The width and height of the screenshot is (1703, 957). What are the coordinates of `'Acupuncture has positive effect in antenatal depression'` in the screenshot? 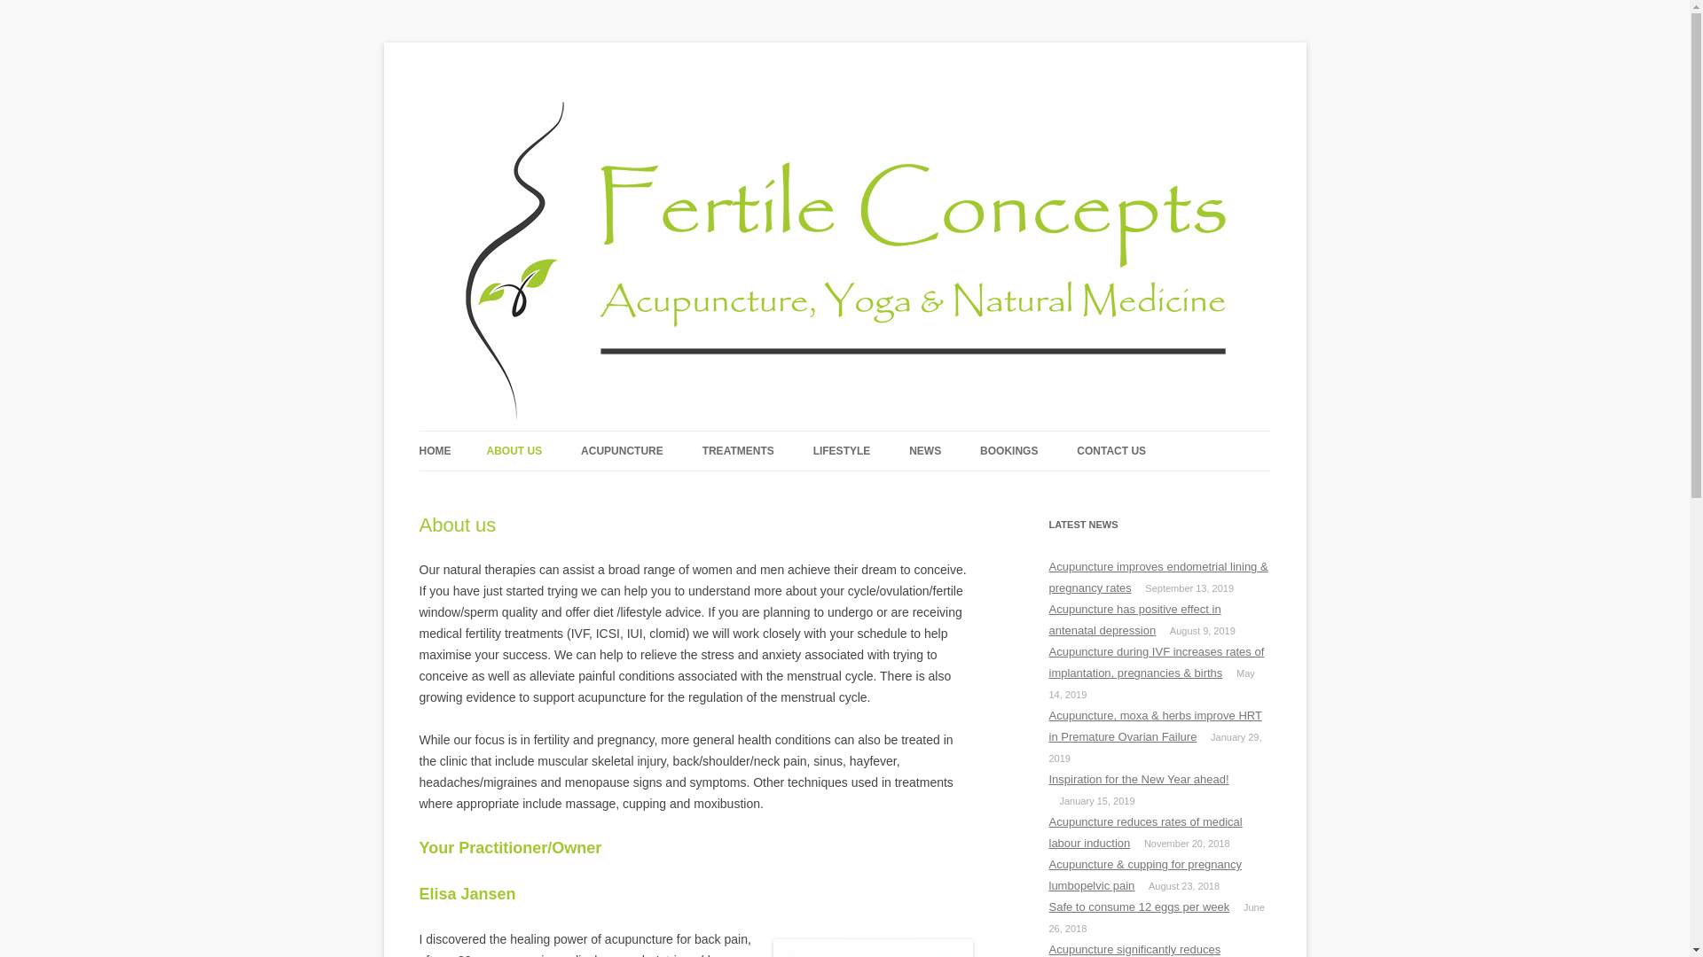 It's located at (1048, 619).